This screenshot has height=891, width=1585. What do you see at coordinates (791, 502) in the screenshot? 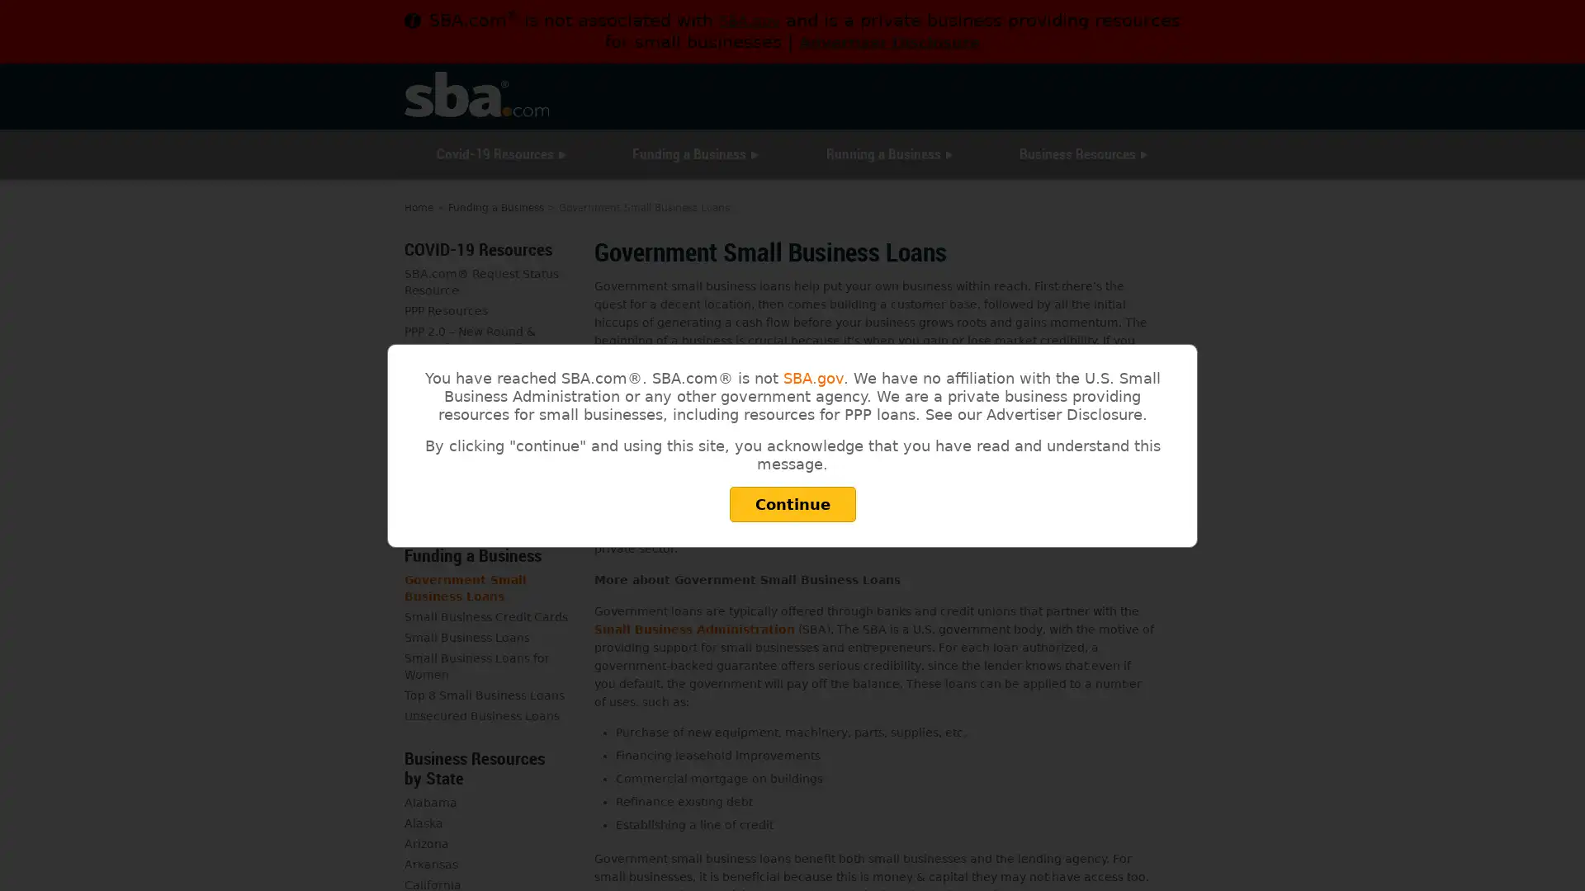
I see `Continue` at bounding box center [791, 502].